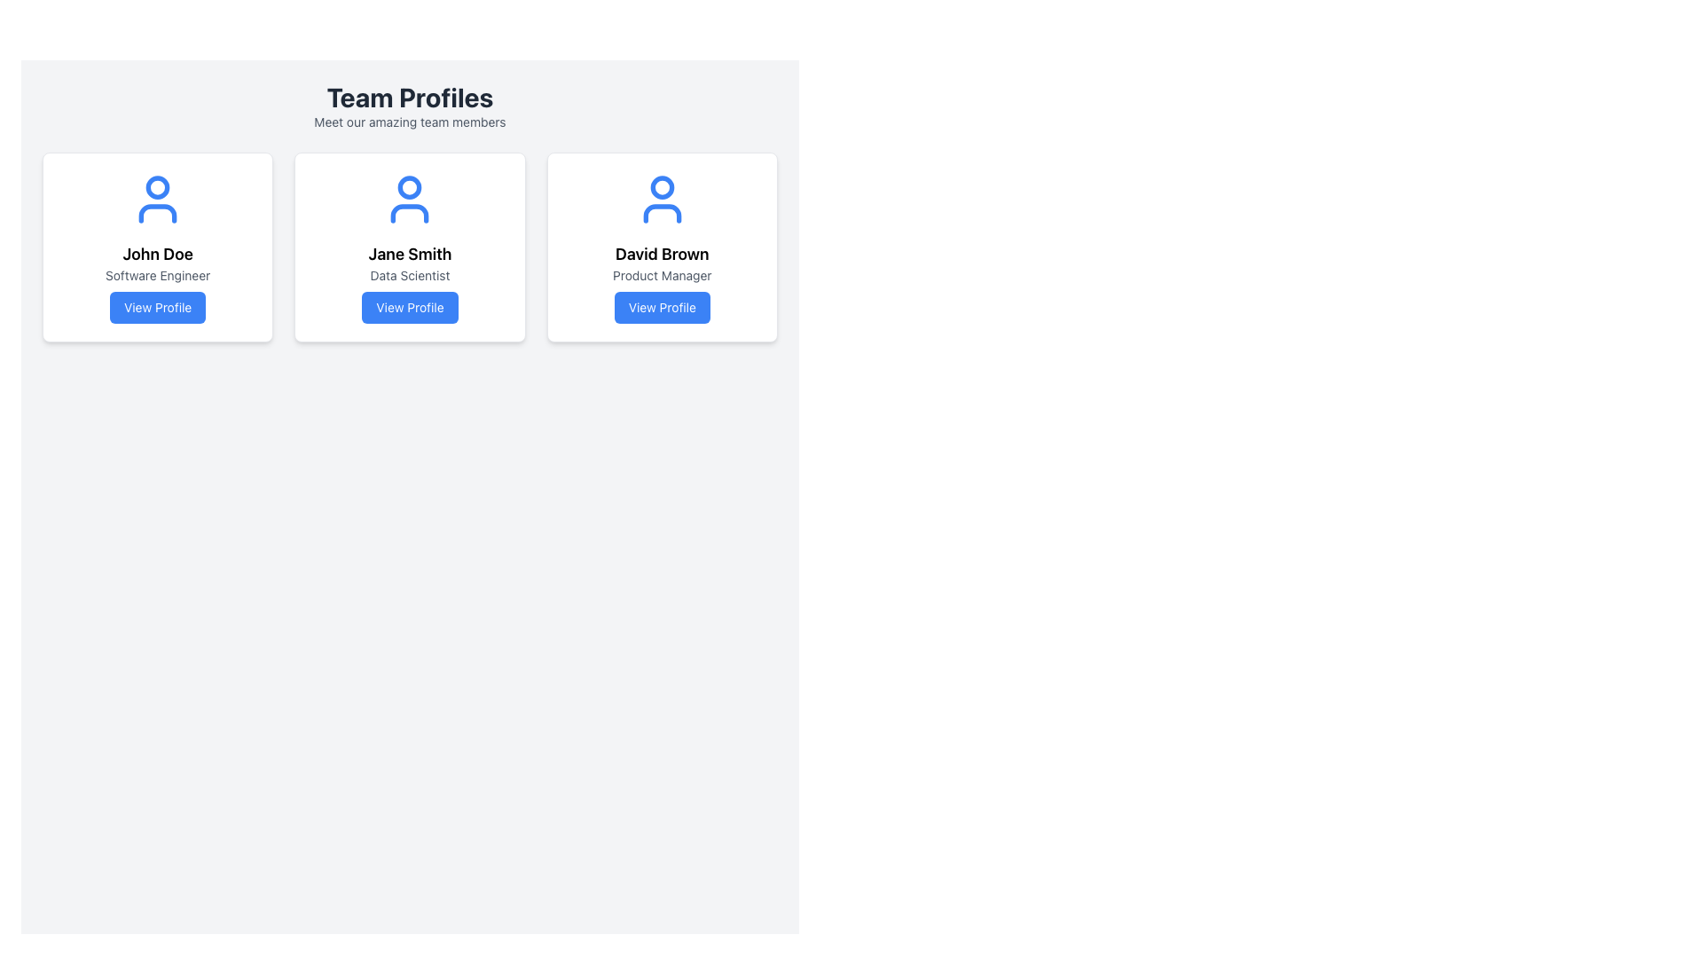  What do you see at coordinates (409, 187) in the screenshot?
I see `the decorative circle within the SVG graphic that represents the person icon for 'Jane Smith', the second profile card from the left` at bounding box center [409, 187].